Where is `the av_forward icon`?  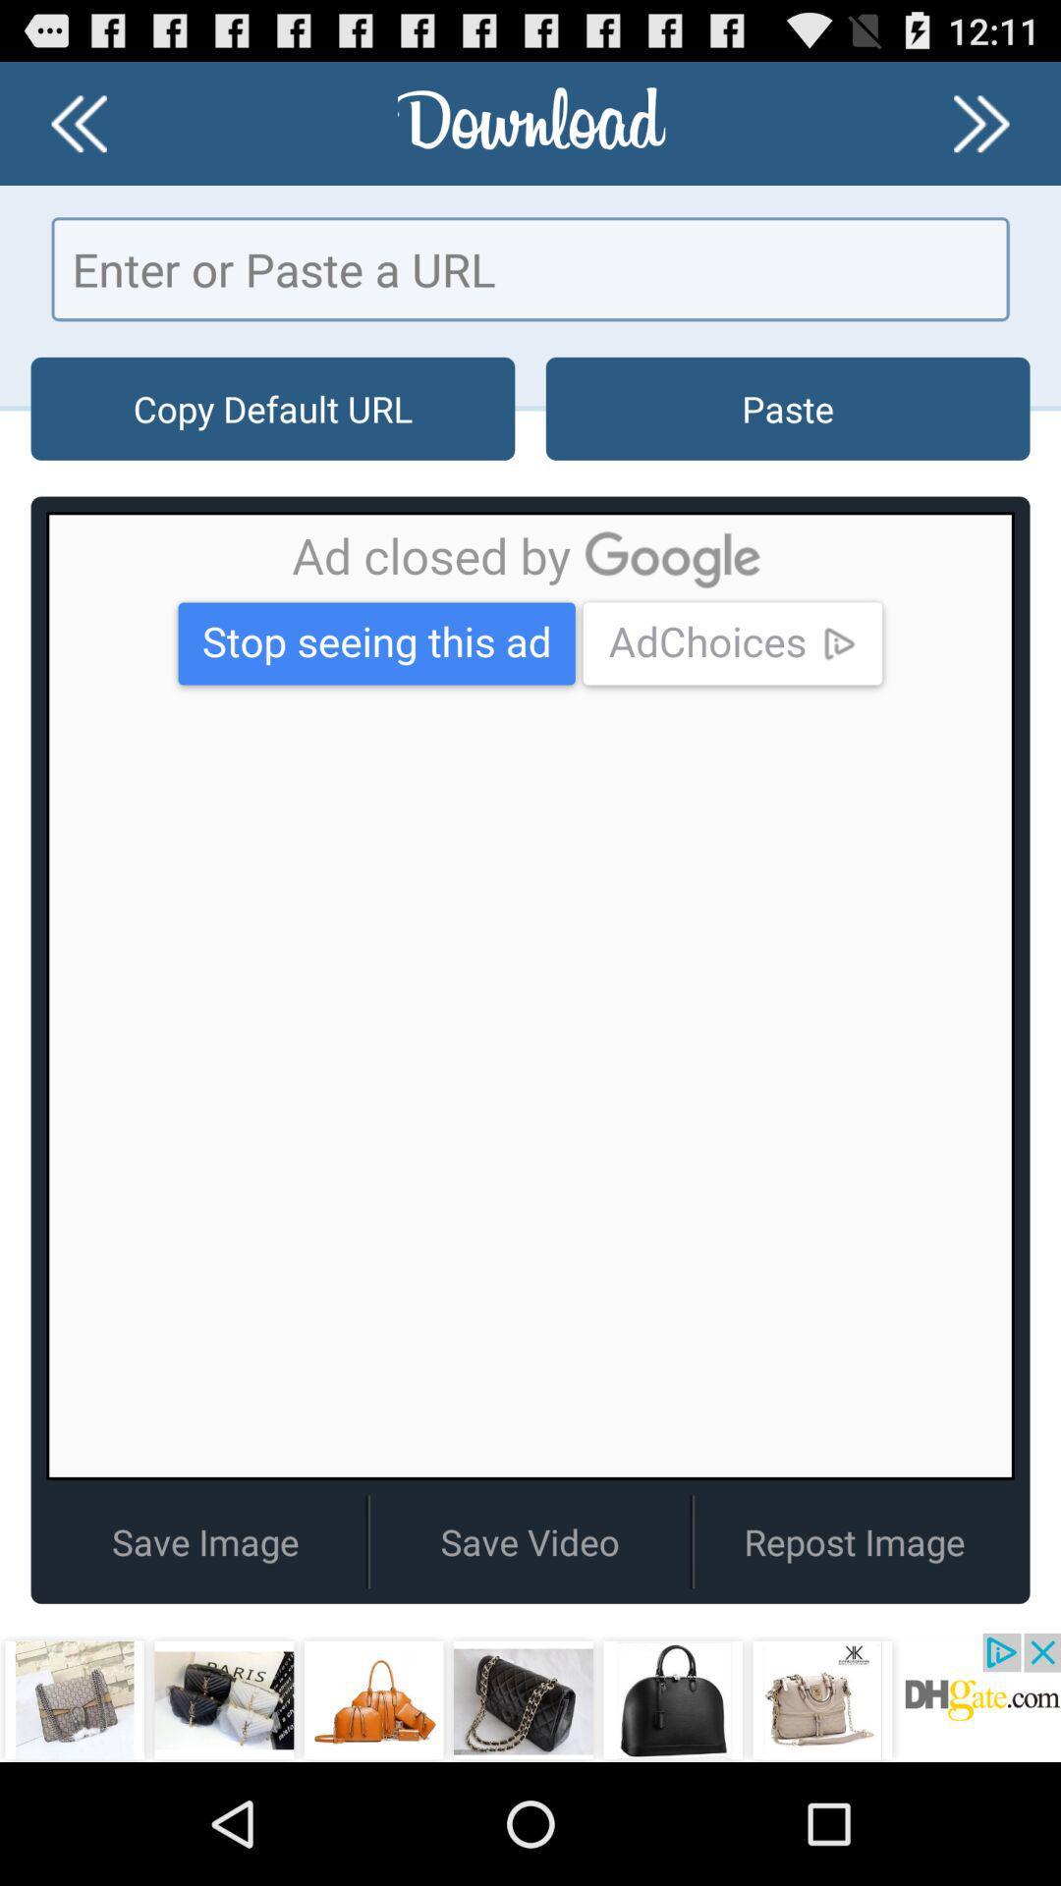
the av_forward icon is located at coordinates (981, 131).